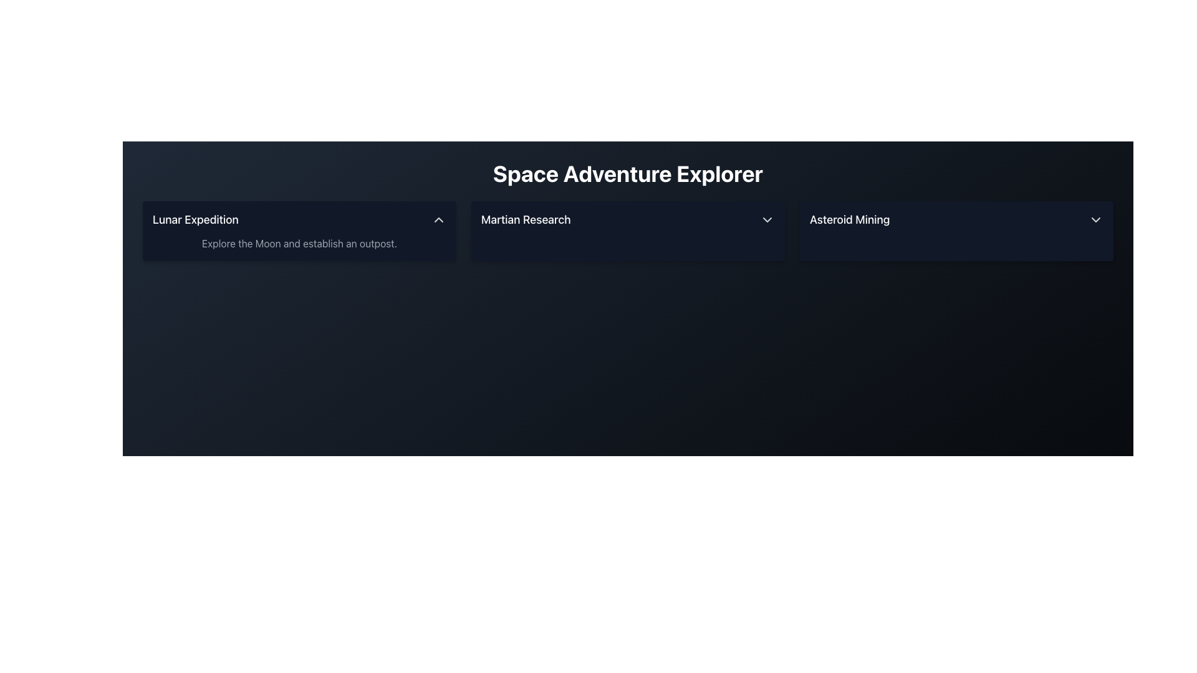 Image resolution: width=1197 pixels, height=673 pixels. Describe the element at coordinates (299, 243) in the screenshot. I see `descriptive text located below the 'Lunar Expedition' heading, which provides details about the action or content related to it` at that location.